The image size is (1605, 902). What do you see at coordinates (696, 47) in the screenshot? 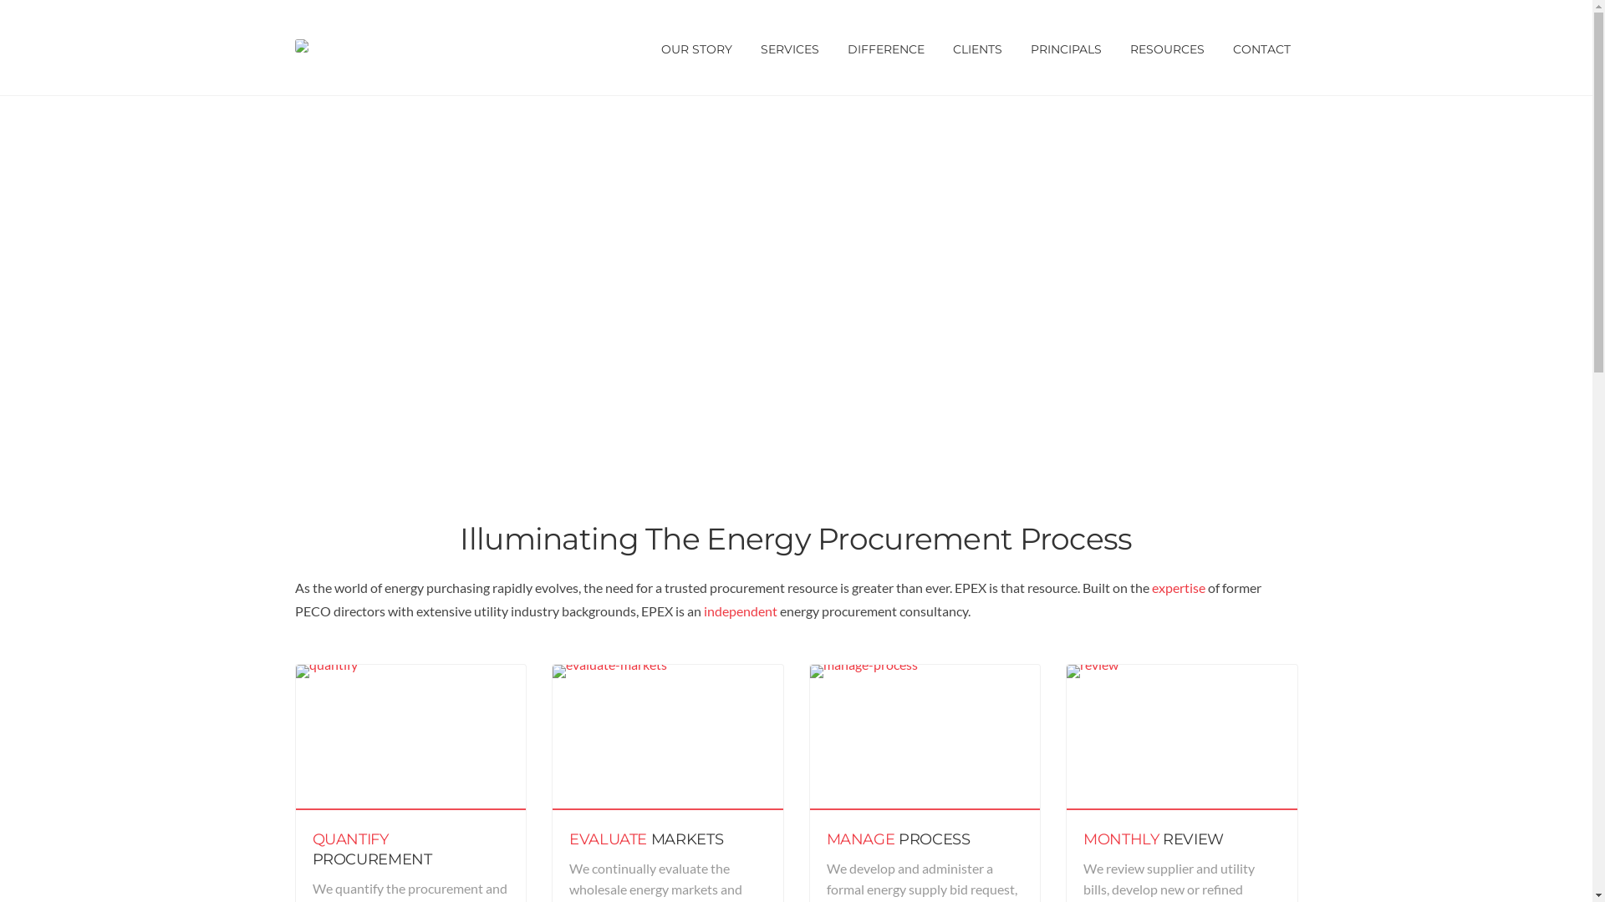
I see `'OUR STORY'` at bounding box center [696, 47].